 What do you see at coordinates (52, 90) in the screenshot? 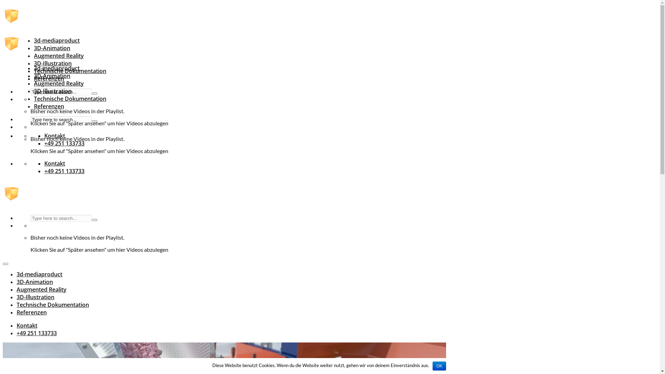
I see `'3D-Illustration'` at bounding box center [52, 90].